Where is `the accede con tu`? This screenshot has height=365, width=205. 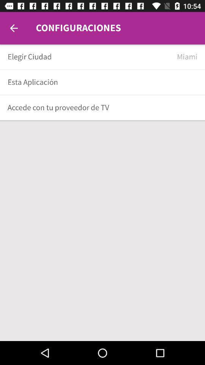
the accede con tu is located at coordinates (100, 107).